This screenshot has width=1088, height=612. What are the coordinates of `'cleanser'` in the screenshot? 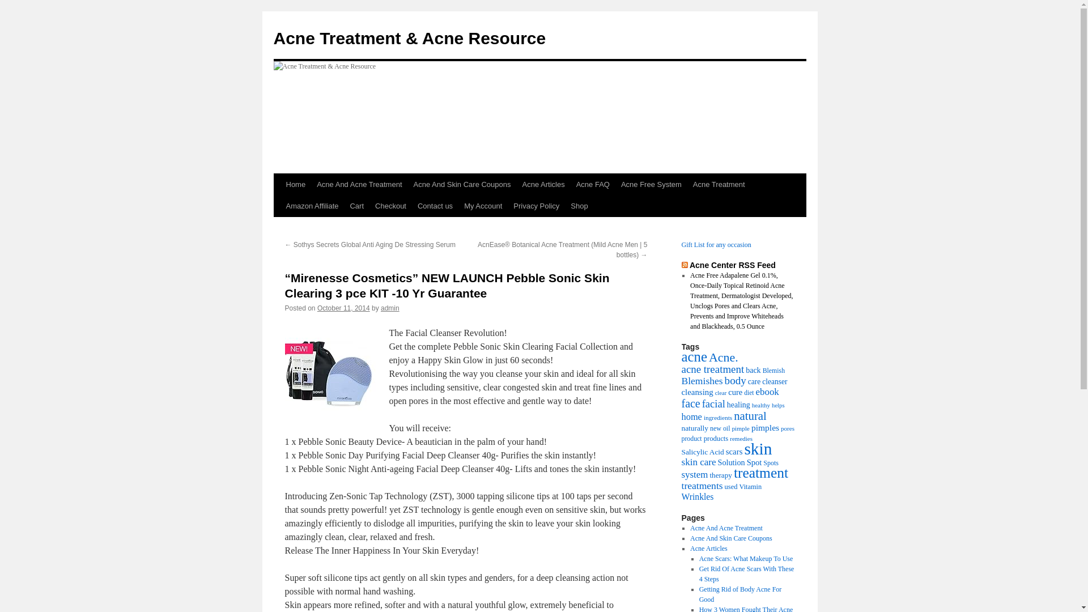 It's located at (774, 381).